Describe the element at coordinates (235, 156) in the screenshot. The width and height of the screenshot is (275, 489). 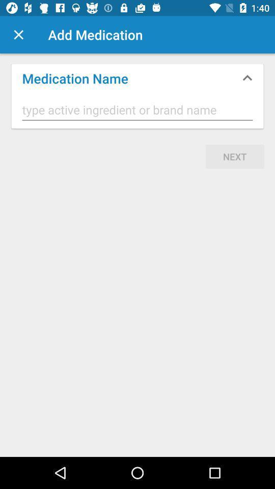
I see `next item` at that location.